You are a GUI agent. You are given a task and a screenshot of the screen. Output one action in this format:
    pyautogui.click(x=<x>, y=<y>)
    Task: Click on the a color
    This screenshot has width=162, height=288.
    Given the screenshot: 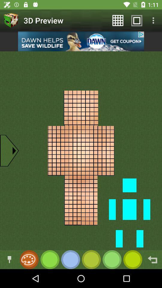 What is the action you would take?
    pyautogui.click(x=112, y=259)
    